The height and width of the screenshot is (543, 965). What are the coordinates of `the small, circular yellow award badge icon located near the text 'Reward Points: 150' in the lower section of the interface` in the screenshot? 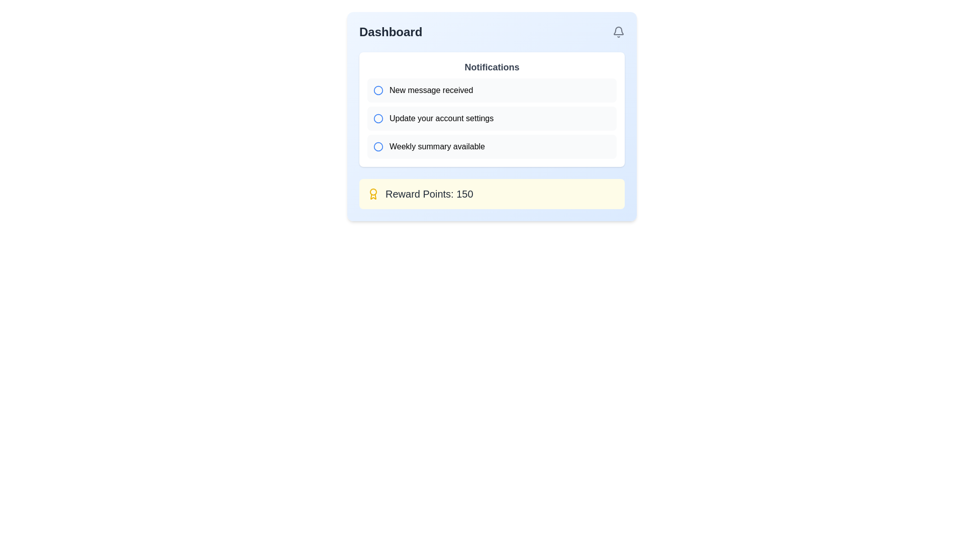 It's located at (373, 194).